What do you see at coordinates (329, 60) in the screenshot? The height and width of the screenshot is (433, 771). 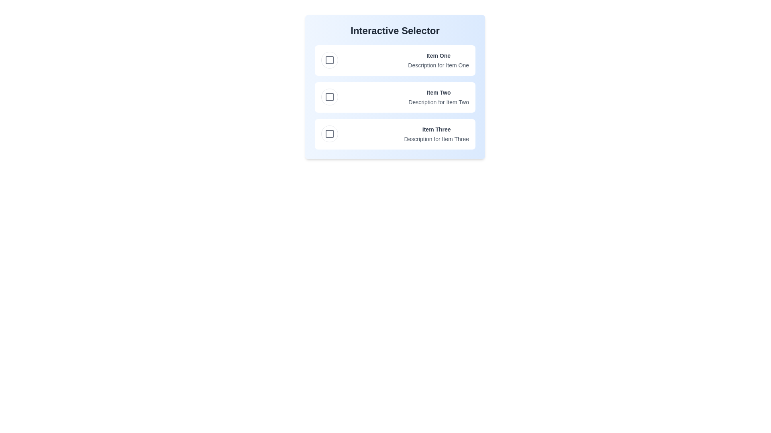 I see `the circular button containing an icon` at bounding box center [329, 60].